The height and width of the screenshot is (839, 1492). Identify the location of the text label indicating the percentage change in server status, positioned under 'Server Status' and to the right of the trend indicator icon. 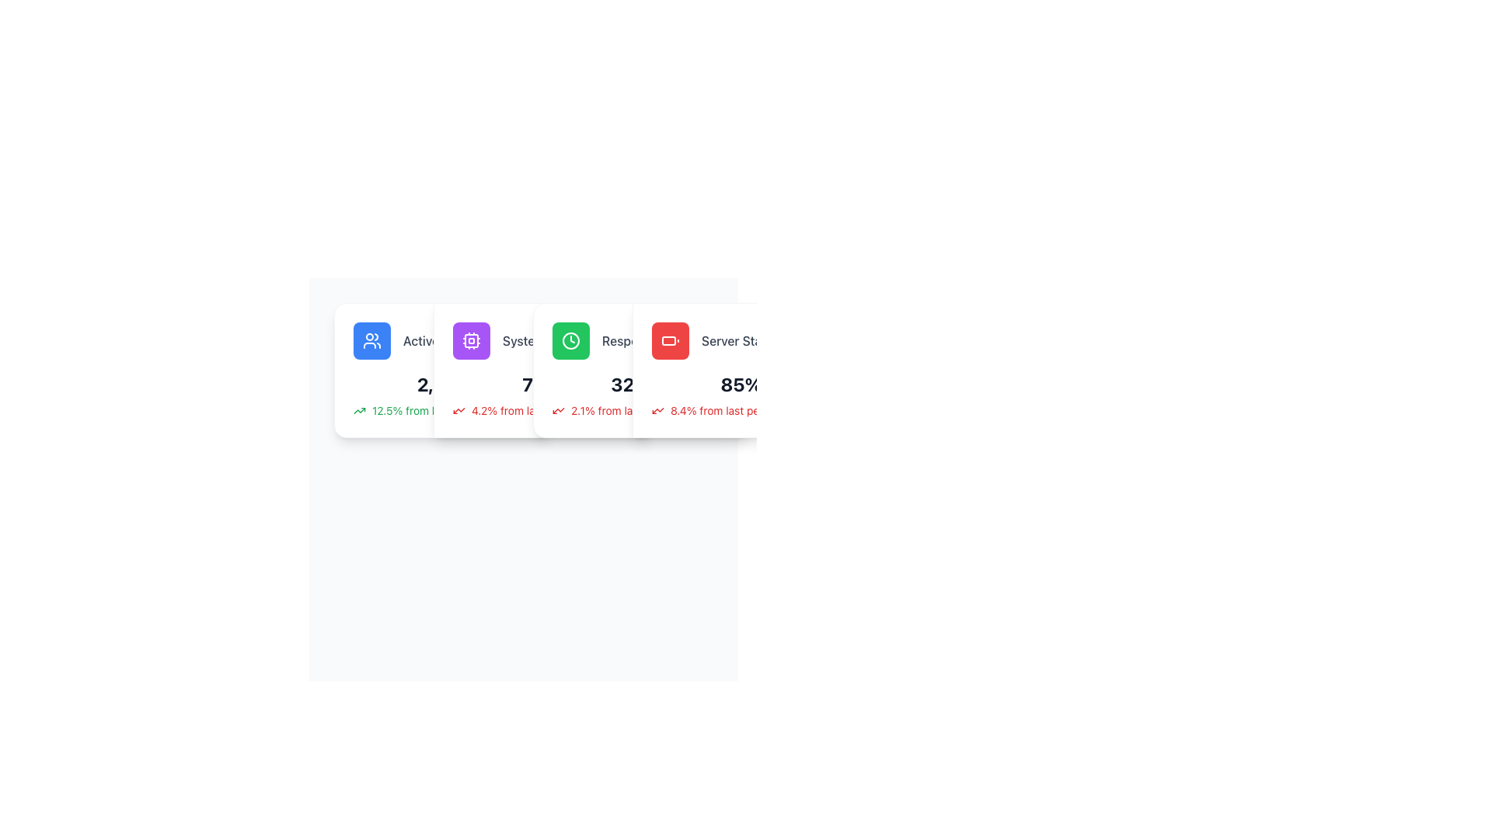
(723, 409).